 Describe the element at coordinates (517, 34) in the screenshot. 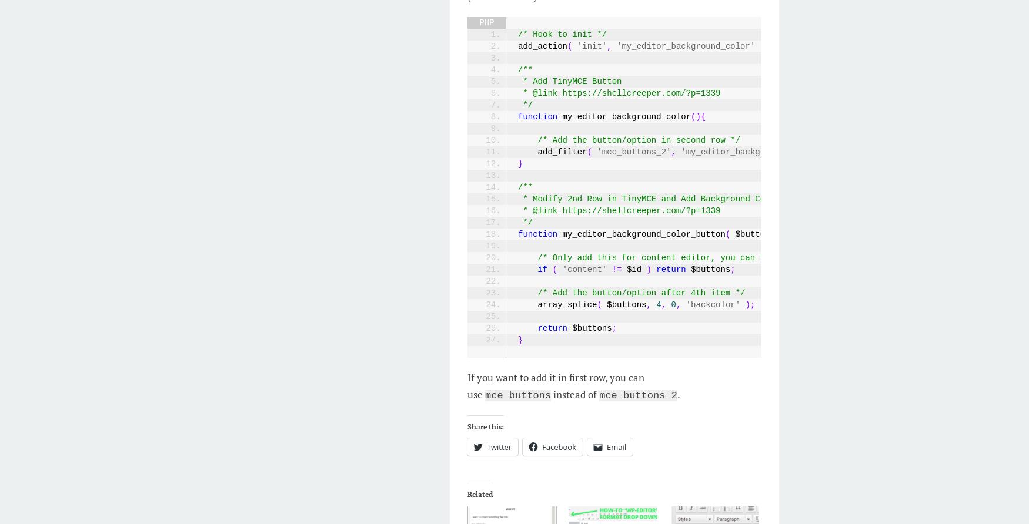

I see `'/* Hook to init */'` at that location.